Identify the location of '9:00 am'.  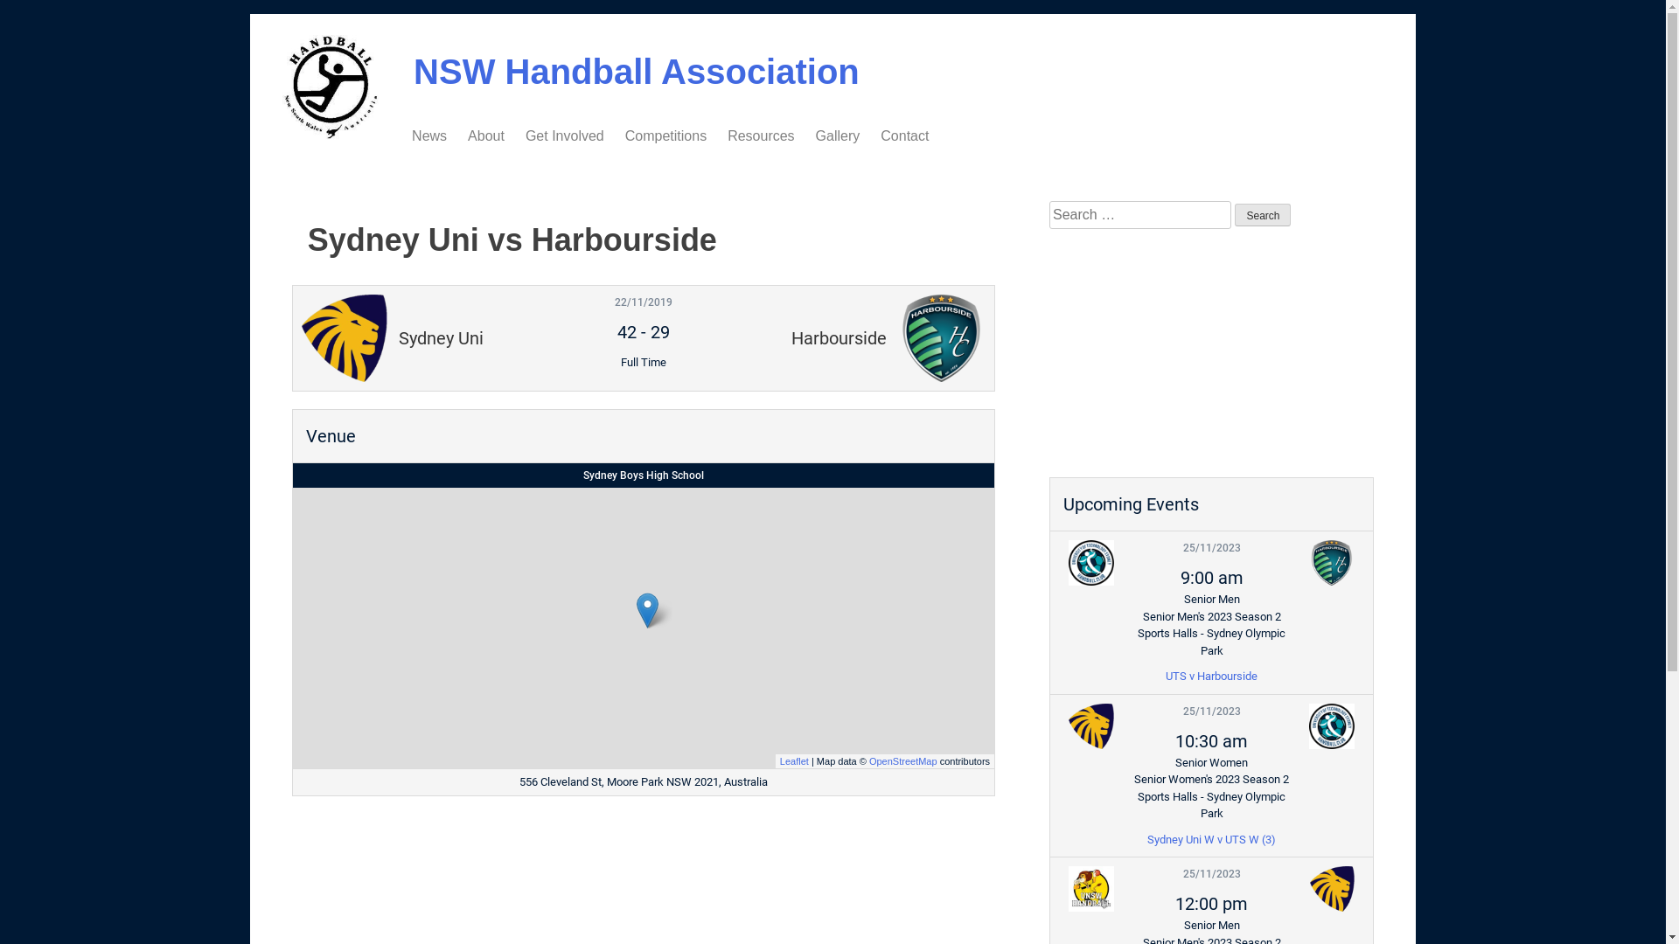
(1211, 577).